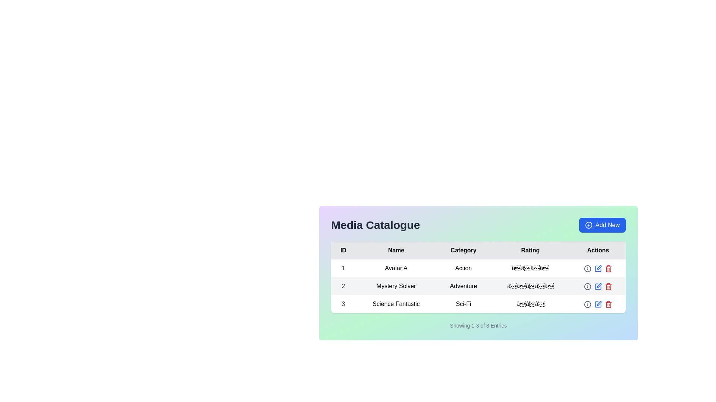  Describe the element at coordinates (608, 268) in the screenshot. I see `the red trash icon button in the 'Actions' column of the table to invoke the delete action for 'Avatar A'` at that location.